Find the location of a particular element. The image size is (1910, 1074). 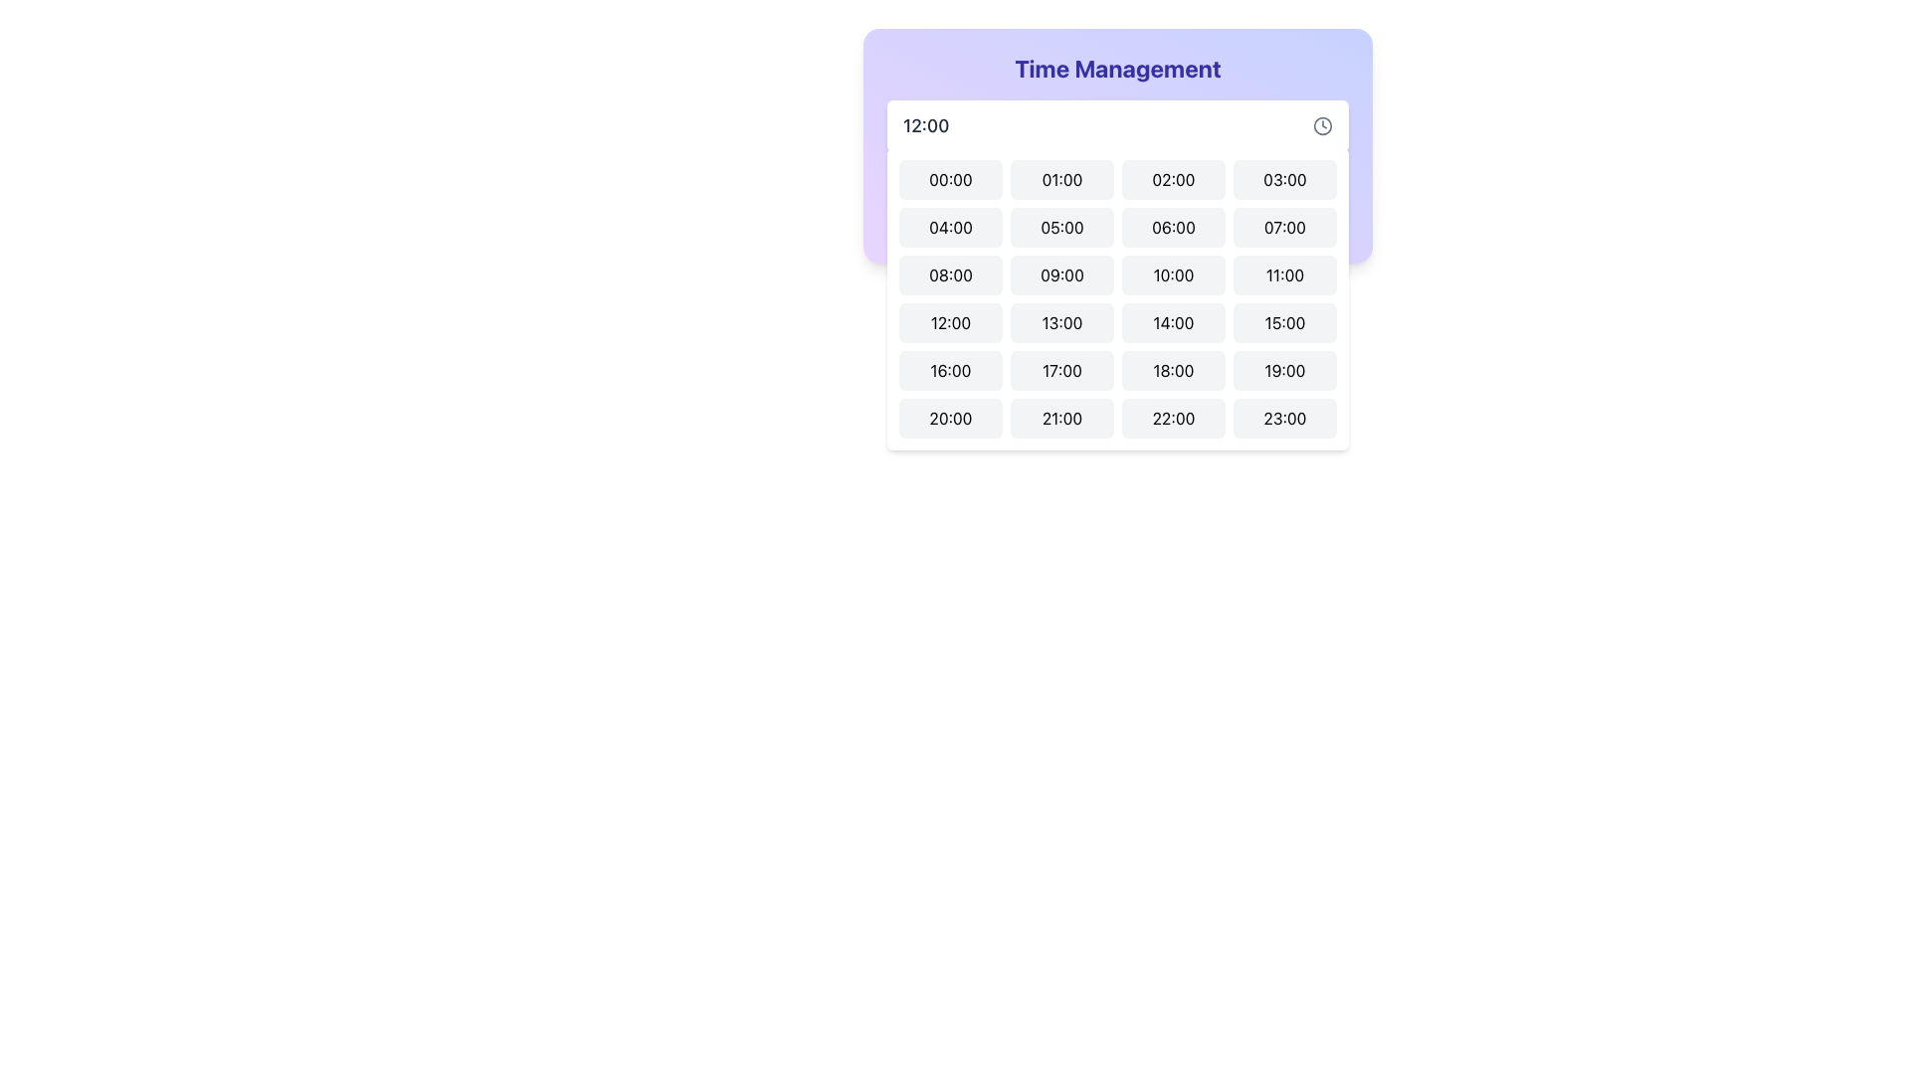

the button in the second row and first column of the time picker is located at coordinates (949, 226).